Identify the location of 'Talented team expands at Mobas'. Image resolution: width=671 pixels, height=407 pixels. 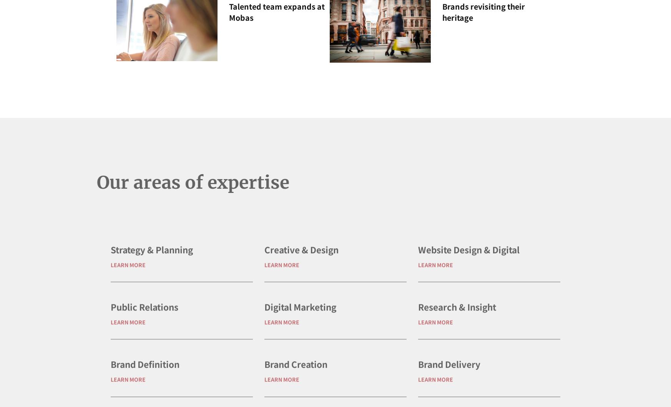
(228, 12).